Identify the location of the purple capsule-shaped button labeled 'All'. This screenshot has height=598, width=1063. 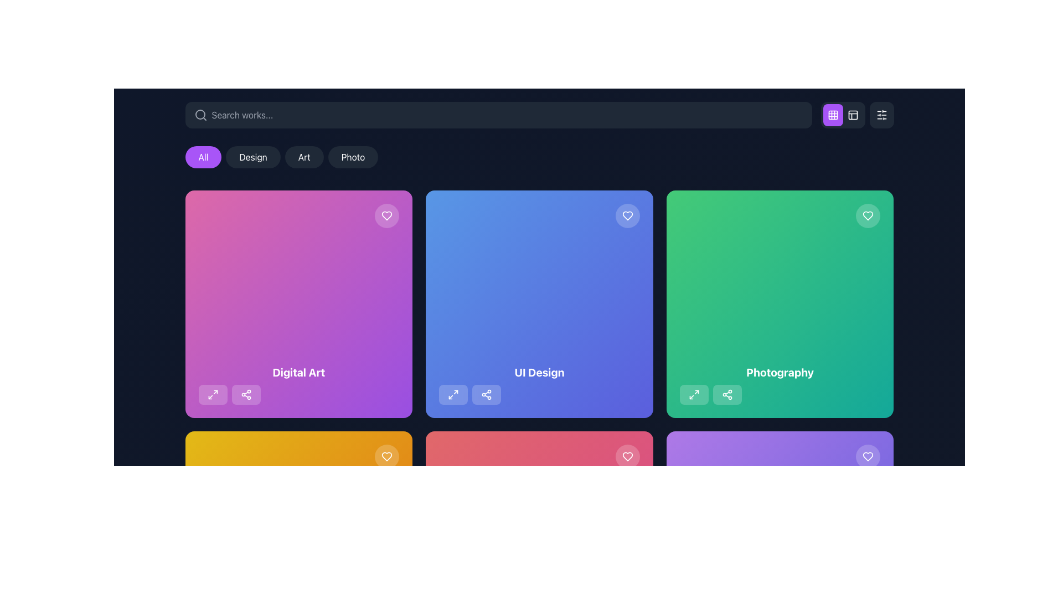
(203, 157).